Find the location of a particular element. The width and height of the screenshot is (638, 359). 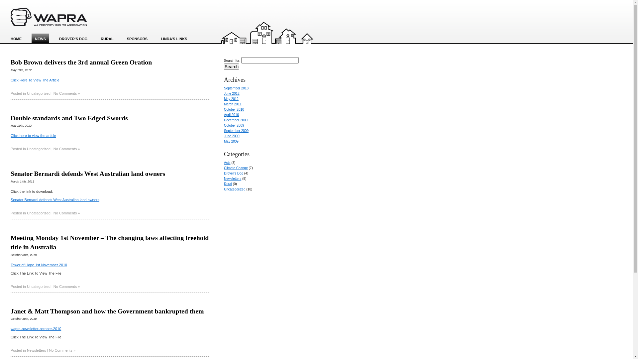

'October 2009' is located at coordinates (234, 125).